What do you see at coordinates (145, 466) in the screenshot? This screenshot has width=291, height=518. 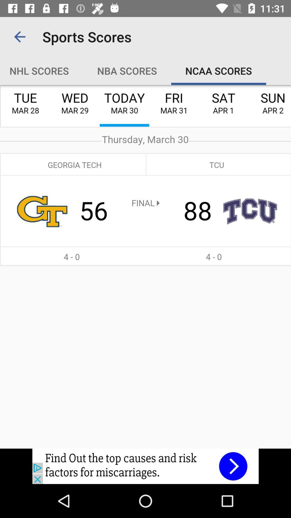 I see `advertisement click` at bounding box center [145, 466].